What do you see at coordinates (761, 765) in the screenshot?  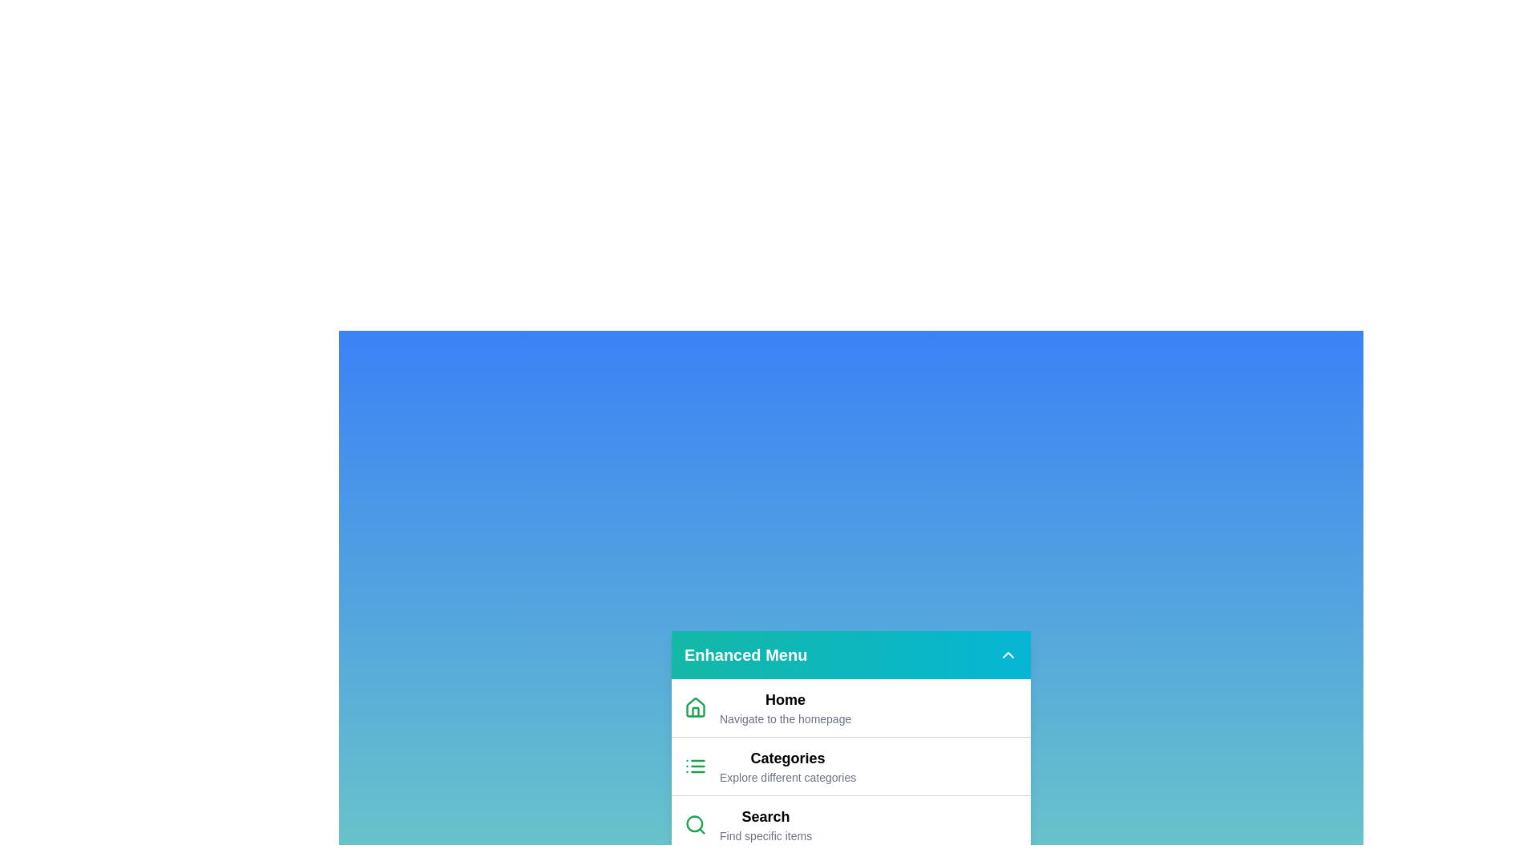 I see `the menu item labeled Categories` at bounding box center [761, 765].